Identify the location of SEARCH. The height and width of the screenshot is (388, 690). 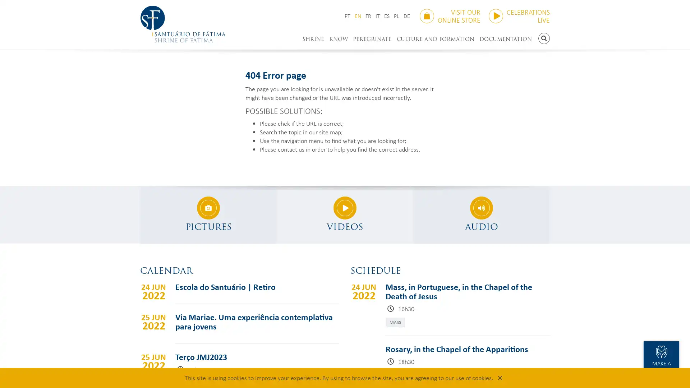
(544, 38).